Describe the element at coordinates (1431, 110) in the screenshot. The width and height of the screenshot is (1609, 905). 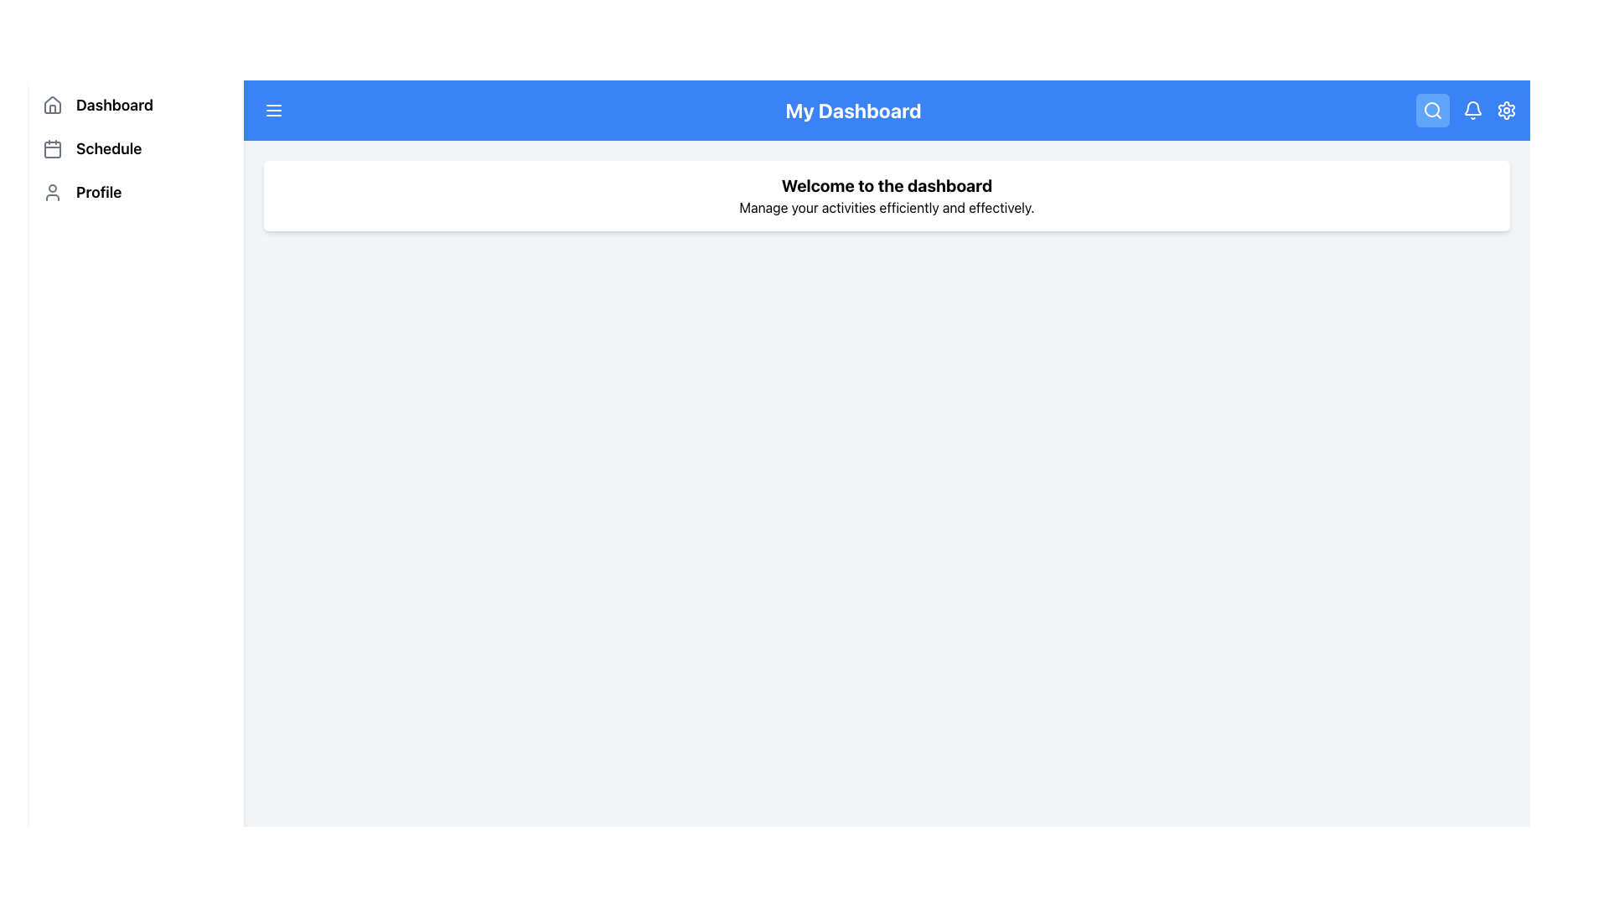
I see `the circular part of the magnifying glass icon located in the header section near the top-right corner, which represents the search functionality` at that location.